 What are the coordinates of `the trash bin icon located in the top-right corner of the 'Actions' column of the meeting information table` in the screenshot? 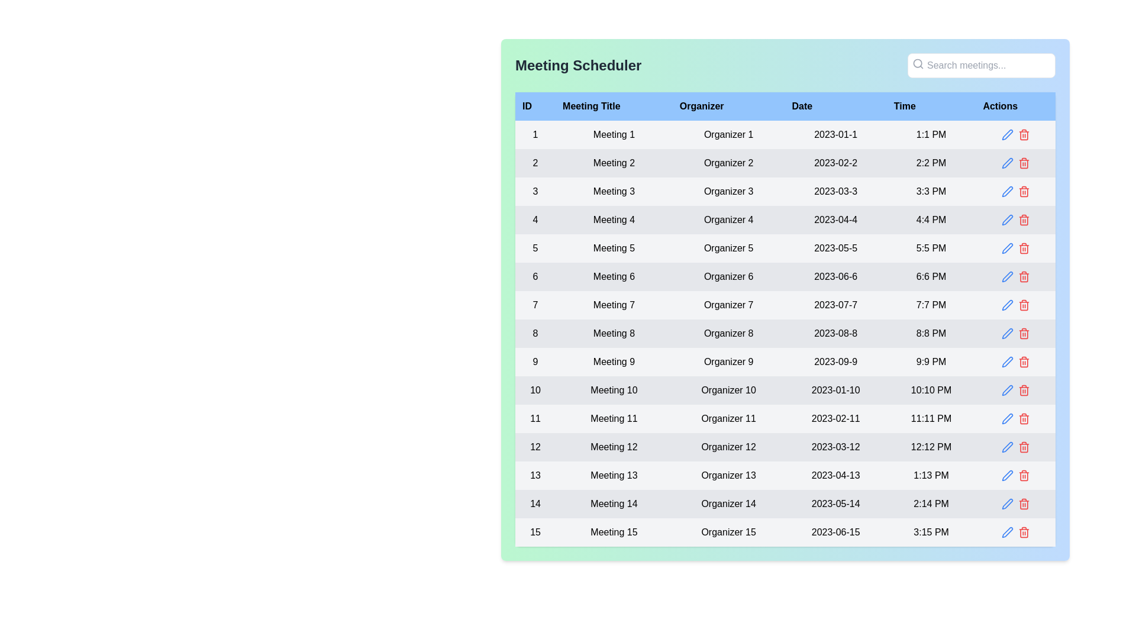 It's located at (1023, 192).